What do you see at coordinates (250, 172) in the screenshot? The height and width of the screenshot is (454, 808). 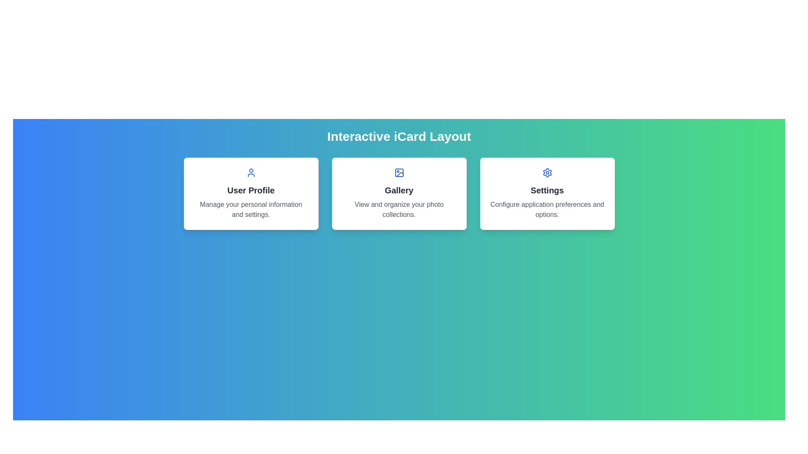 I see `the user icon, which is a stylized outline of a person's head and shoulders in blue stroke color, located in the first card titled 'User Profile' at the top-center of the card` at bounding box center [250, 172].